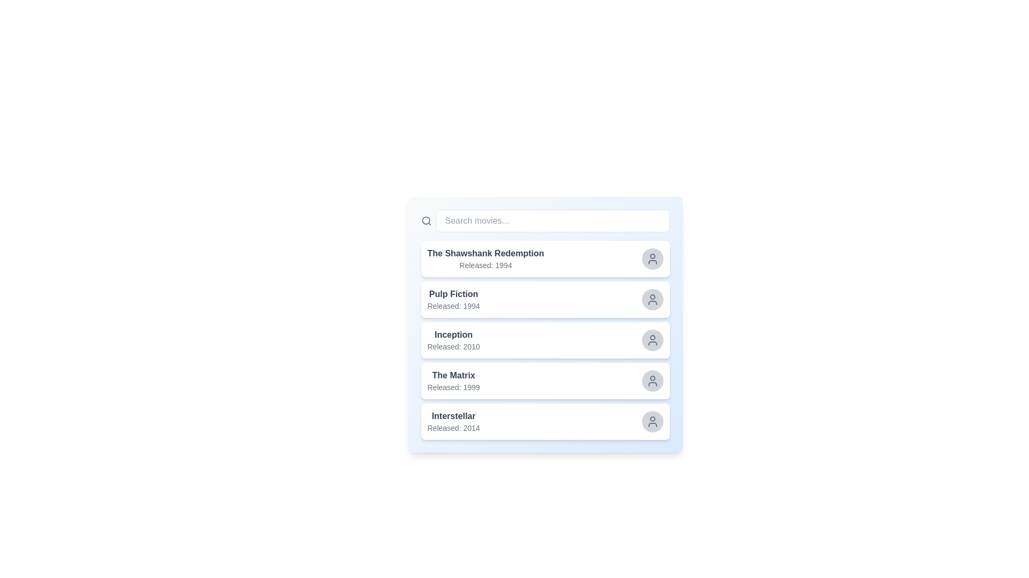 This screenshot has width=1029, height=578. What do you see at coordinates (545, 299) in the screenshot?
I see `the 'Pulp Fiction' interactive display card, which features a white background, rounded corners, and contains the title 'Pulp Fiction' in bold above 'Released: 1994'` at bounding box center [545, 299].